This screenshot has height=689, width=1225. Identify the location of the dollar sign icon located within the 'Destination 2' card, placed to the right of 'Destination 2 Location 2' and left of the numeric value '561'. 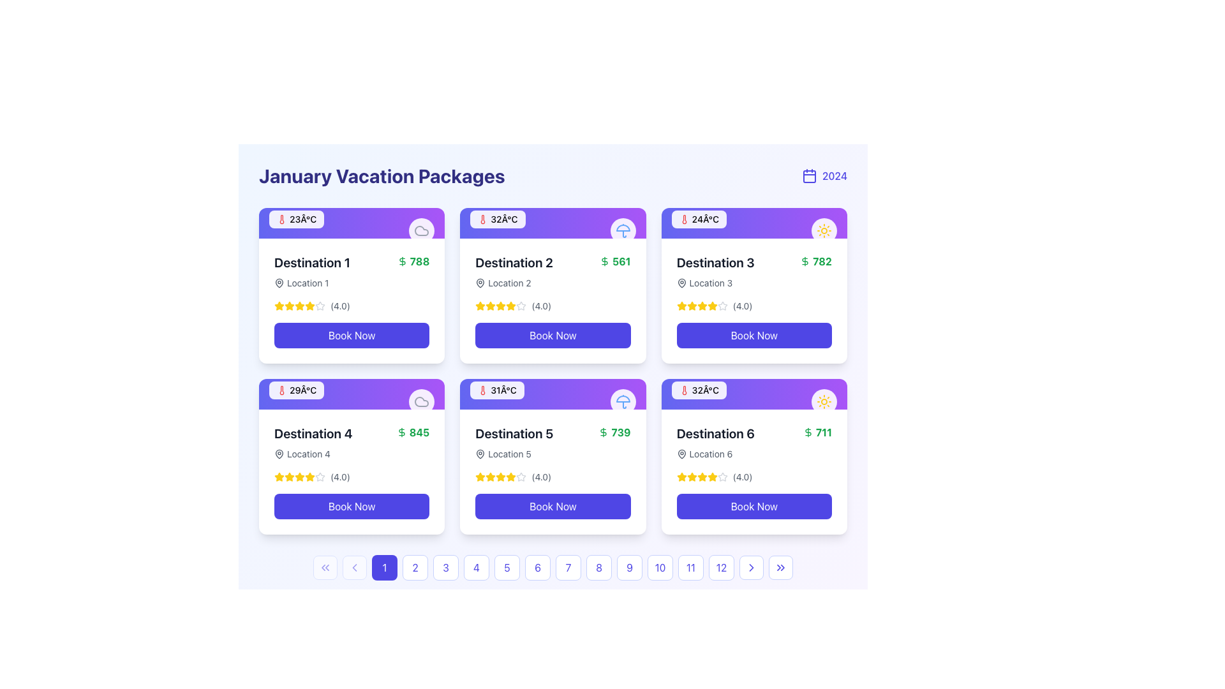
(604, 260).